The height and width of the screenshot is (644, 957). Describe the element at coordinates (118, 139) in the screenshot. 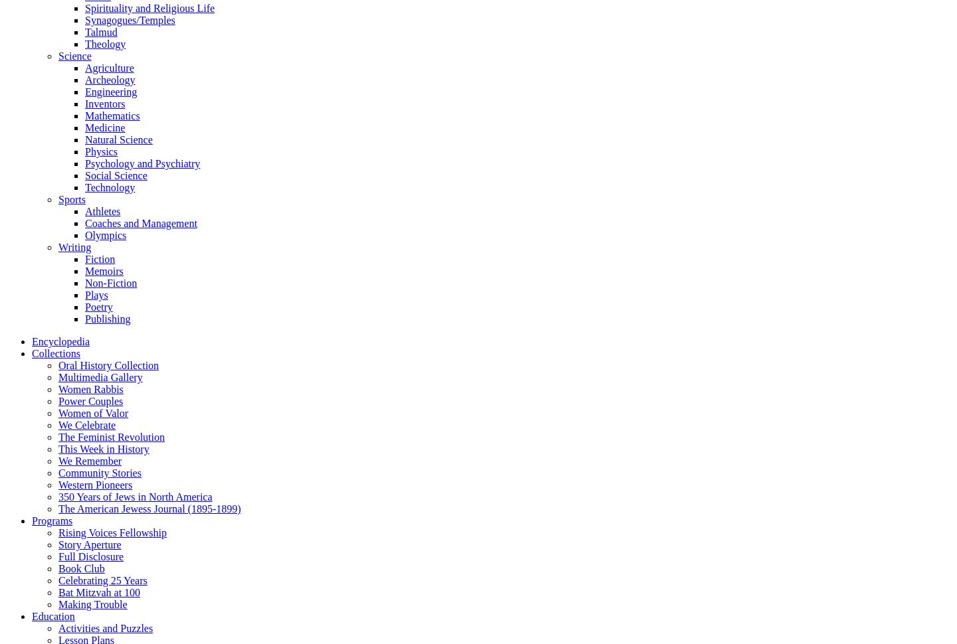

I see `'Natural Science'` at that location.